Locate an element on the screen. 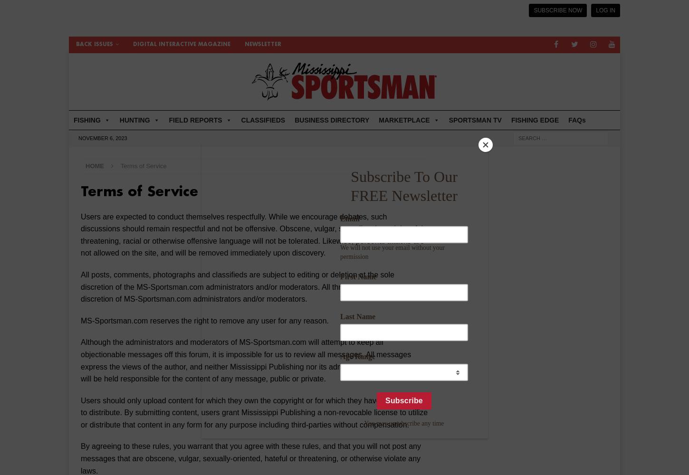  'SPORTSMAN TV' is located at coordinates (475, 120).